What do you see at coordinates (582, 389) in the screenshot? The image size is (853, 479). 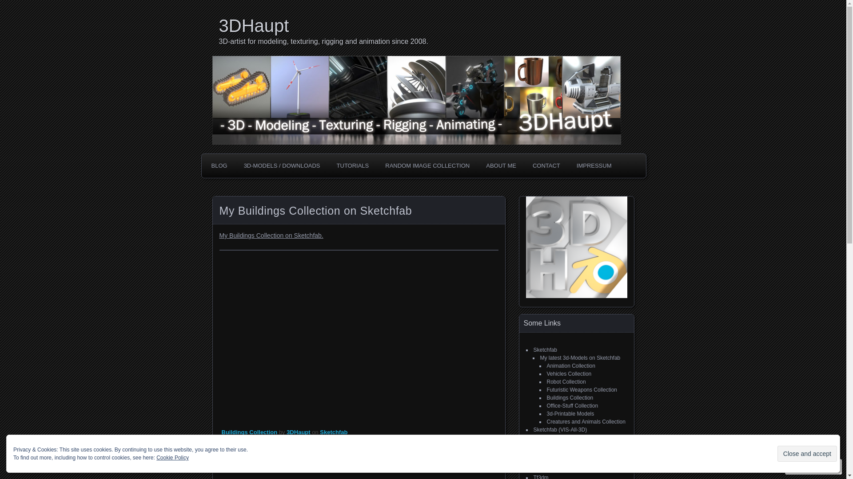 I see `'Futuristic Weapons Collection'` at bounding box center [582, 389].